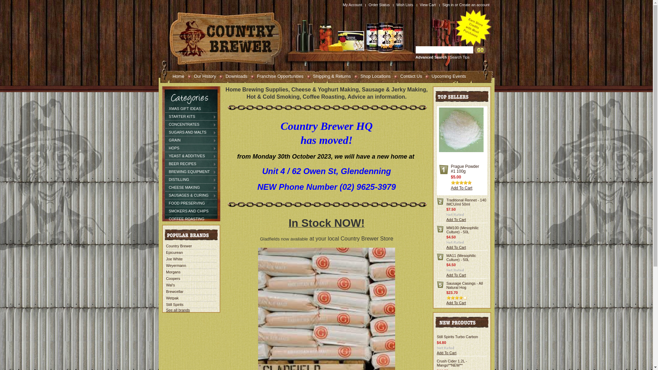  Describe the element at coordinates (191, 108) in the screenshot. I see `'XMAS GIFT IDEAS'` at that location.